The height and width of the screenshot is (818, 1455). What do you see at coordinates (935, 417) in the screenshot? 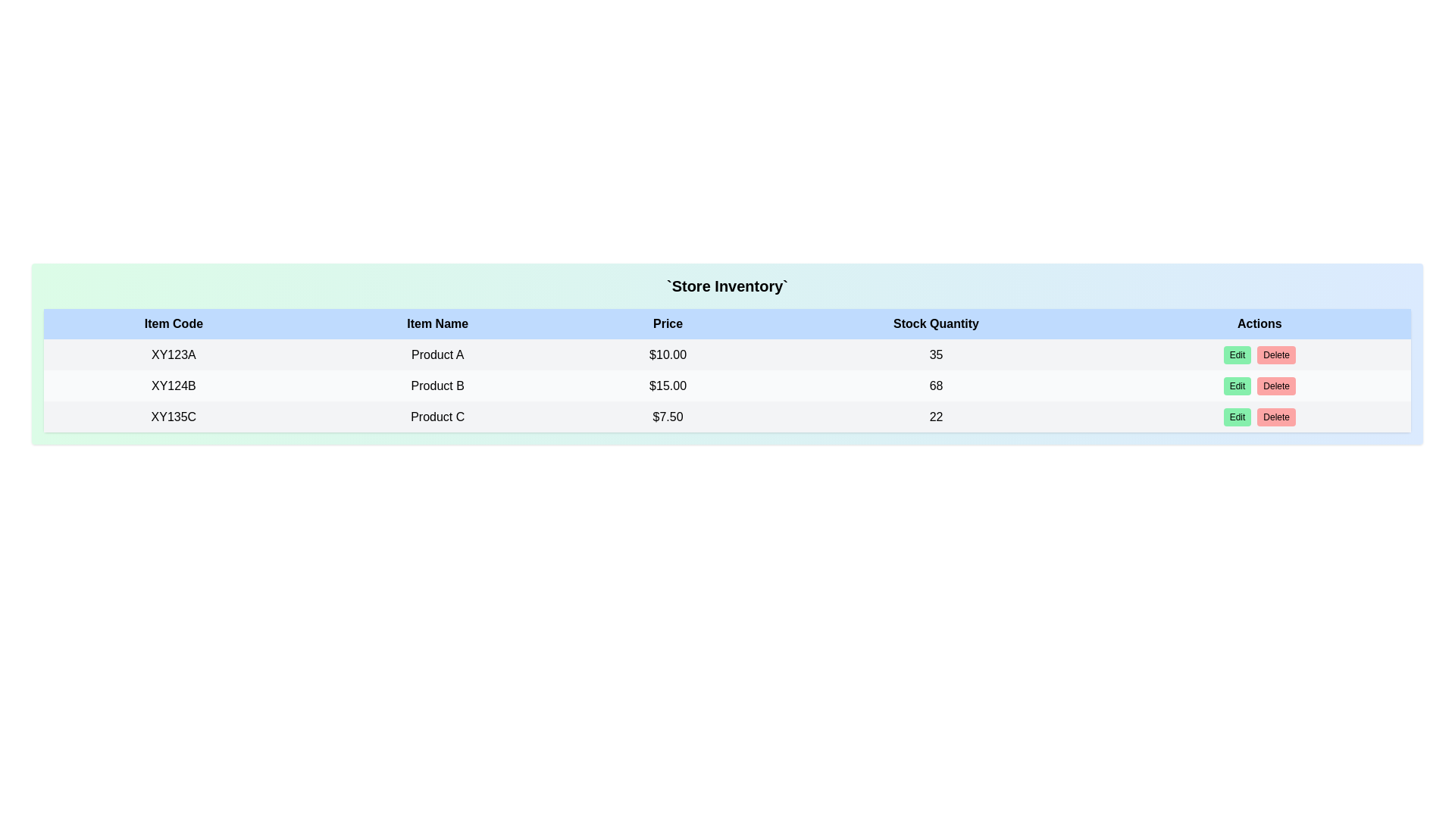
I see `the text label displaying the stock quantity of an item in the inventory, which is the fourth element in the 'Stock Quantity' column of the 'Store Inventory' table` at bounding box center [935, 417].